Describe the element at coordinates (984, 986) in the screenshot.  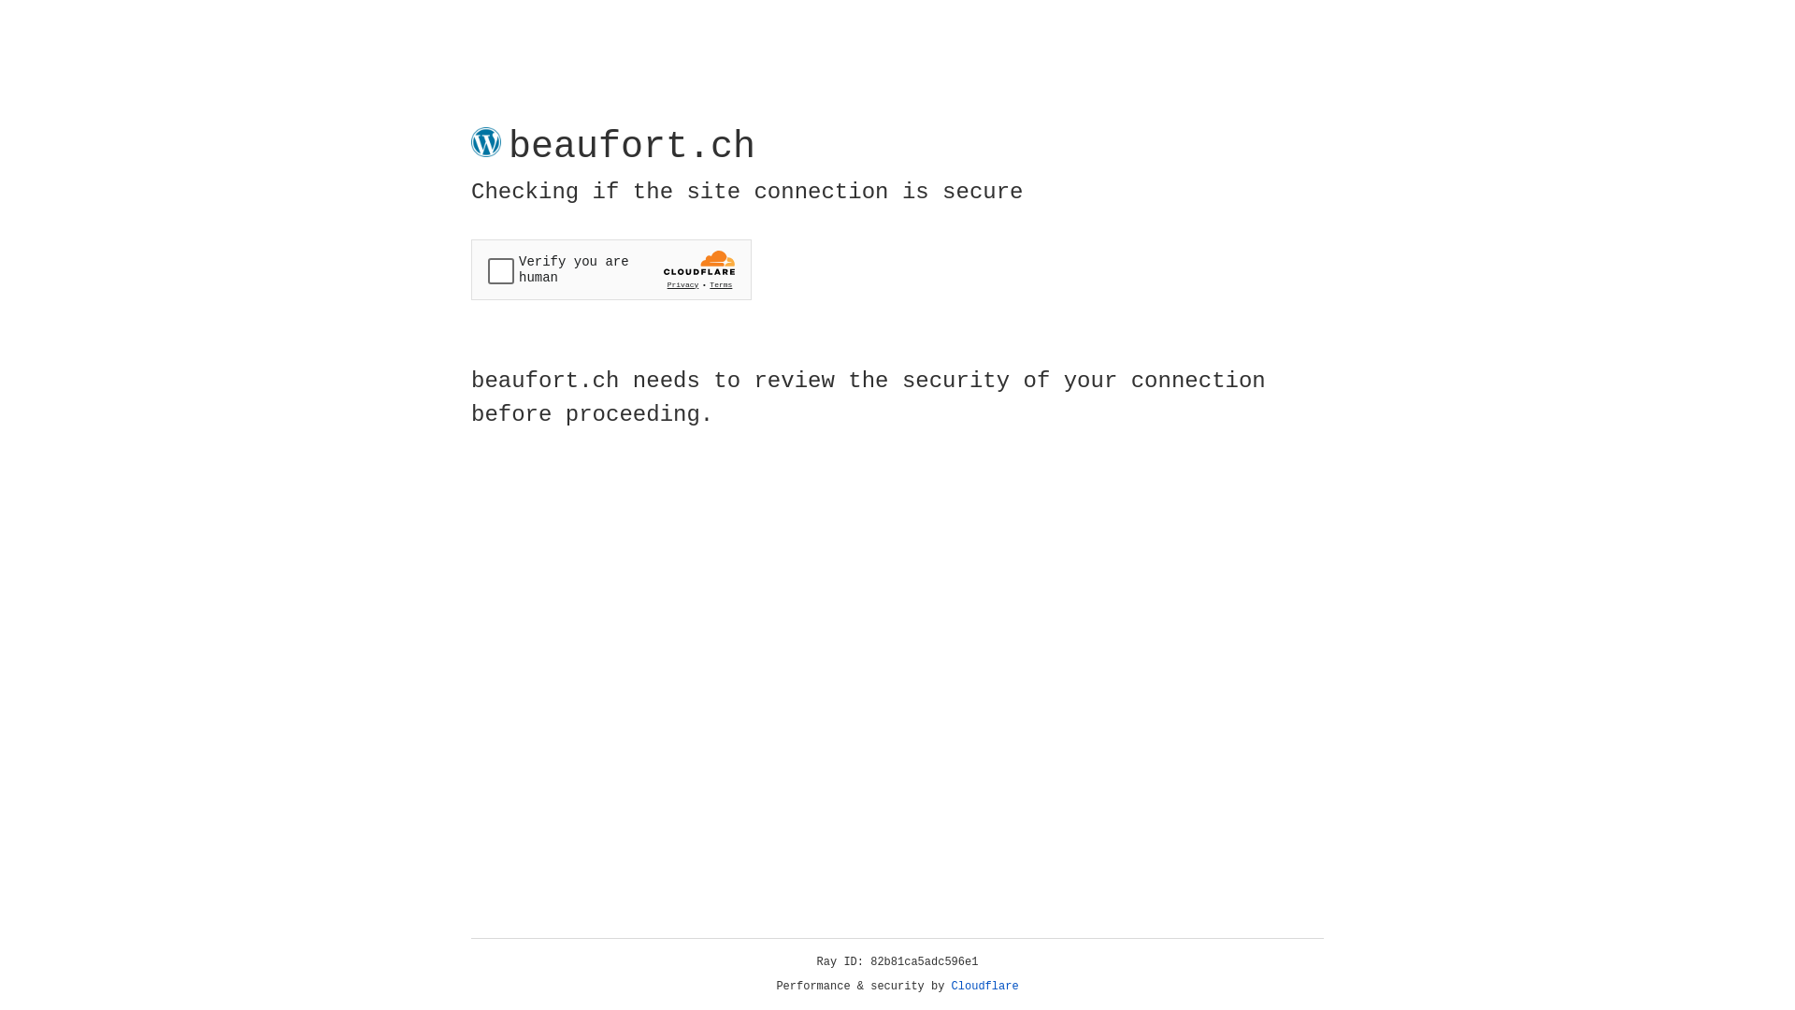
I see `'Cloudflare'` at that location.